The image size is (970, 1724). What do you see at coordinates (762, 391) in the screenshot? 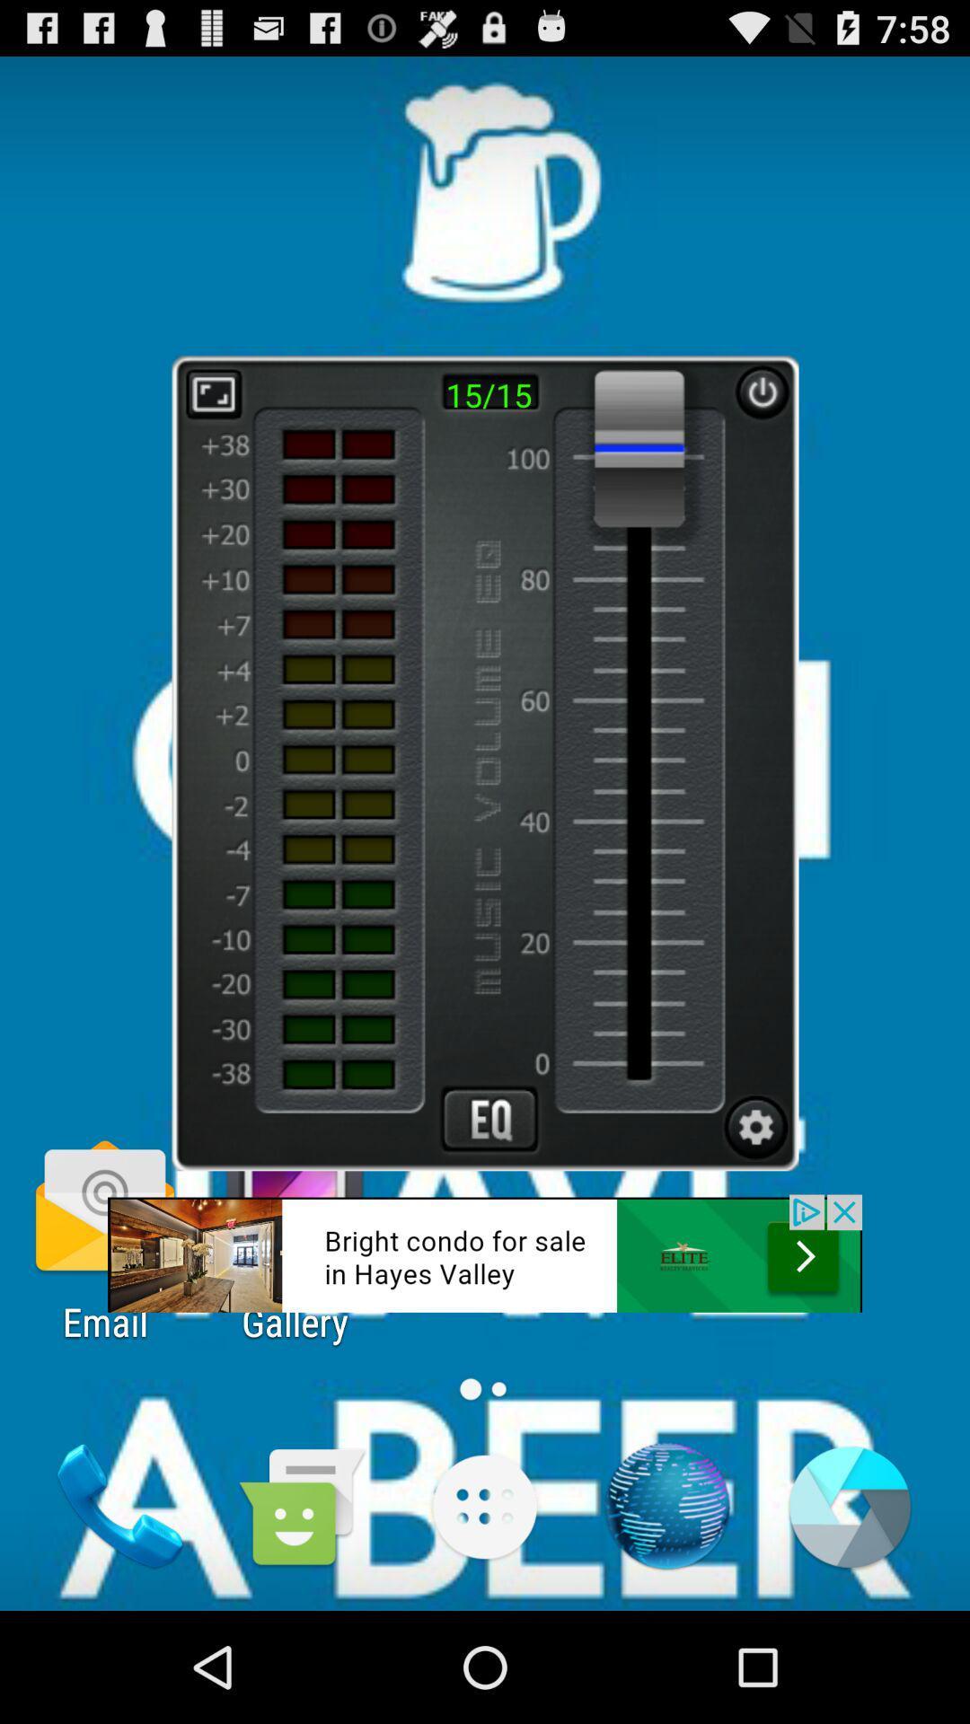
I see `restart button` at bounding box center [762, 391].